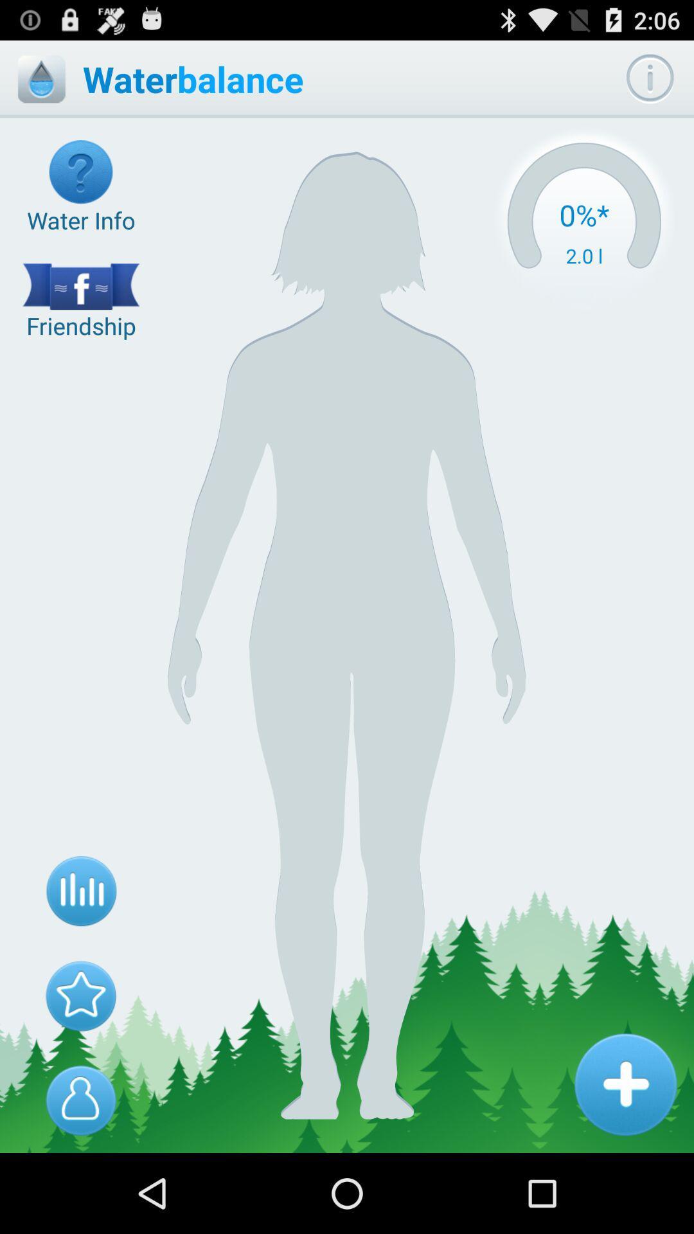  I want to click on my stats, so click(81, 891).